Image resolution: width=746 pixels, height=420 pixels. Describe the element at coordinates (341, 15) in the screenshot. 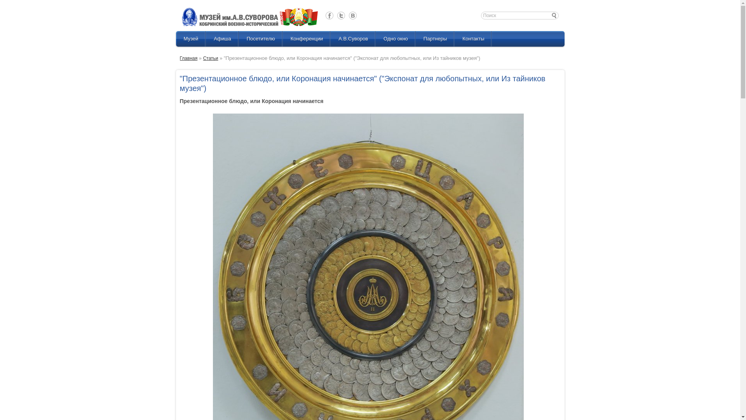

I see `'Twitter'` at that location.